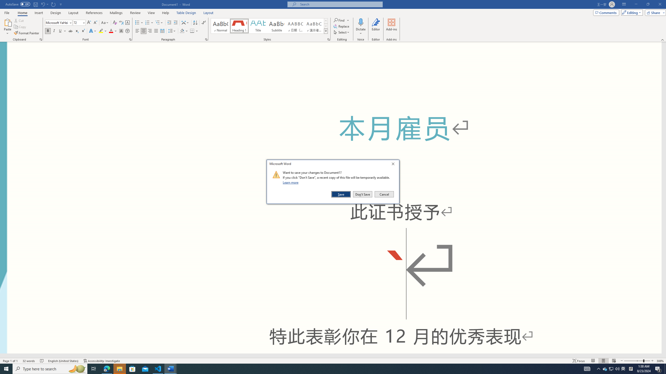  I want to click on 'Learn more', so click(291, 182).